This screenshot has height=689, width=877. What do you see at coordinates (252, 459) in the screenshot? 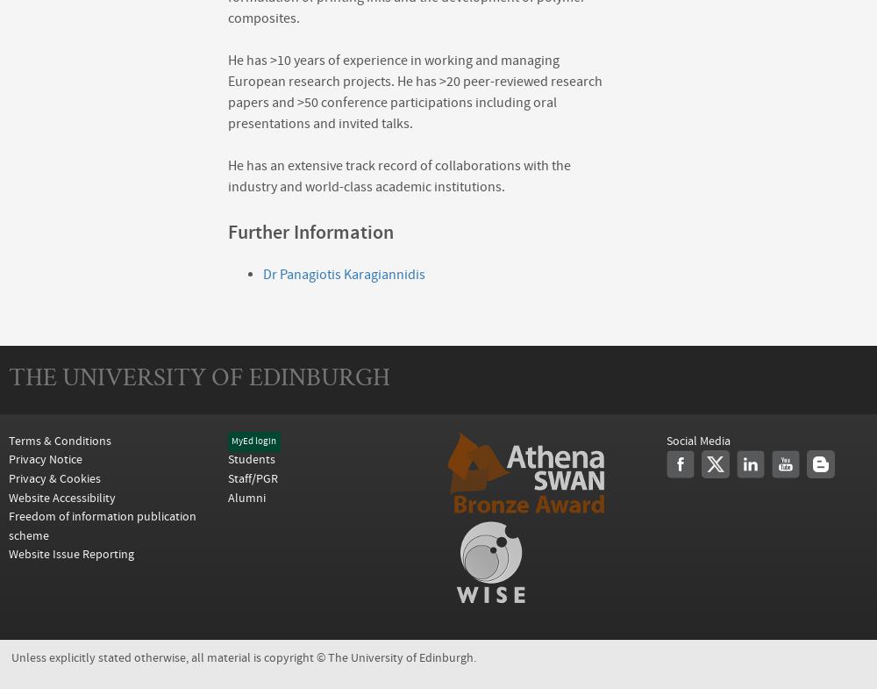
I see `'Students'` at bounding box center [252, 459].